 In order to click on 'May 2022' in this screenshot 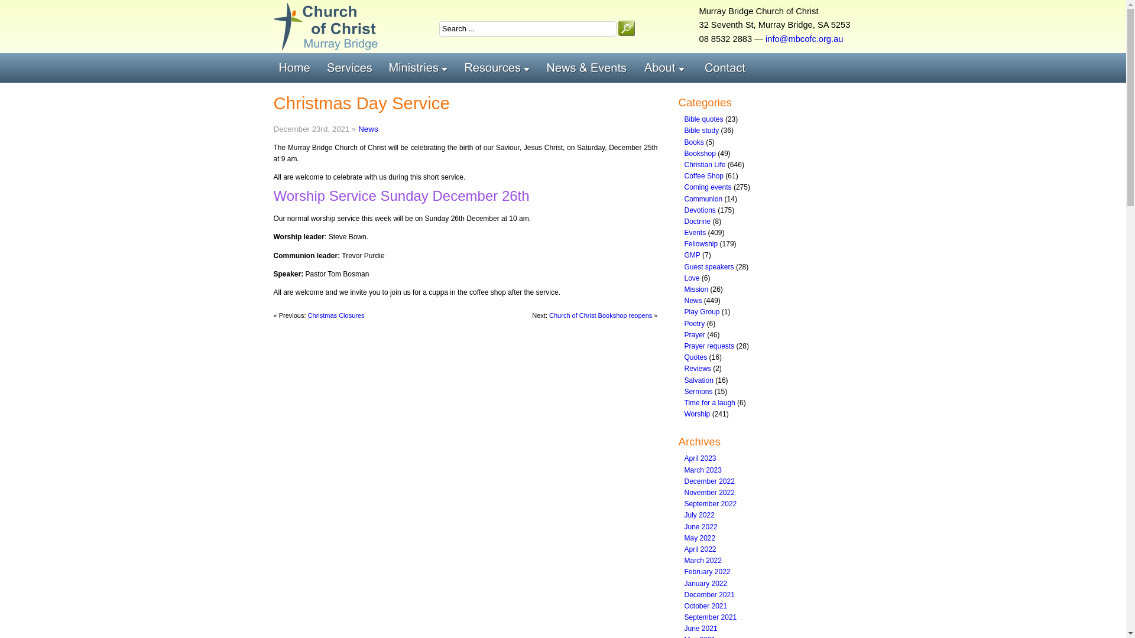, I will do `click(684, 538)`.